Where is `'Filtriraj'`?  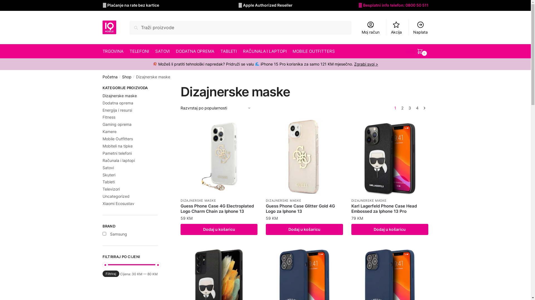
'Filtriraj' is located at coordinates (111, 273).